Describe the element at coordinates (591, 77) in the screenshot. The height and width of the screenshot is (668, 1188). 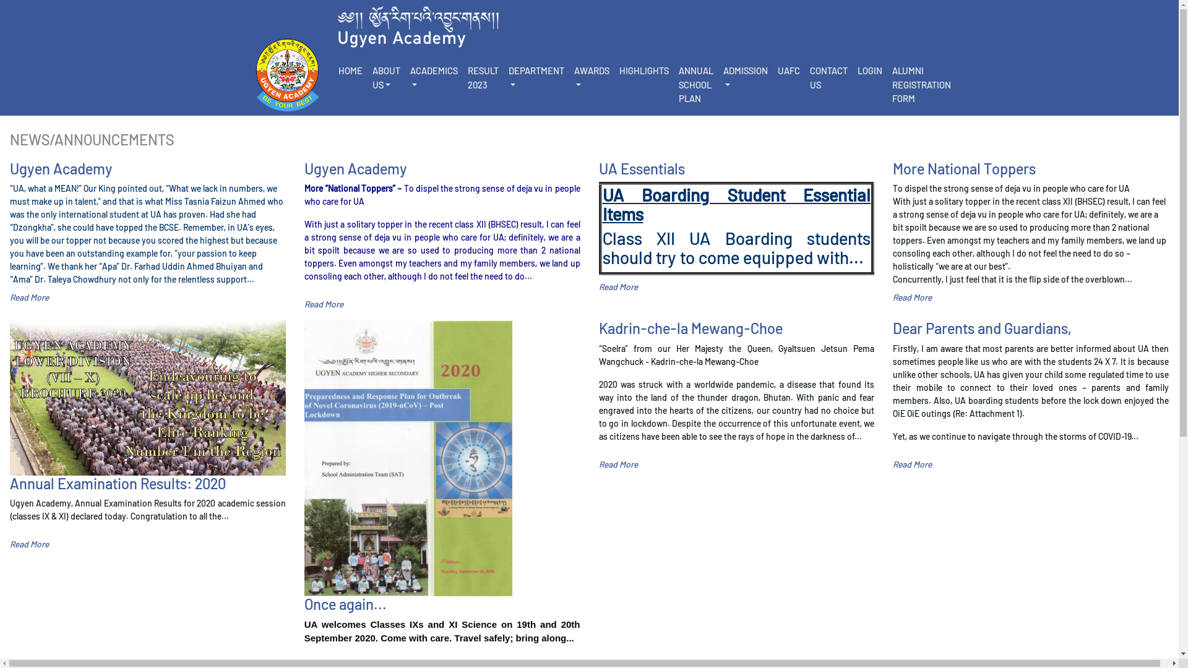
I see `'AWARDS'` at that location.